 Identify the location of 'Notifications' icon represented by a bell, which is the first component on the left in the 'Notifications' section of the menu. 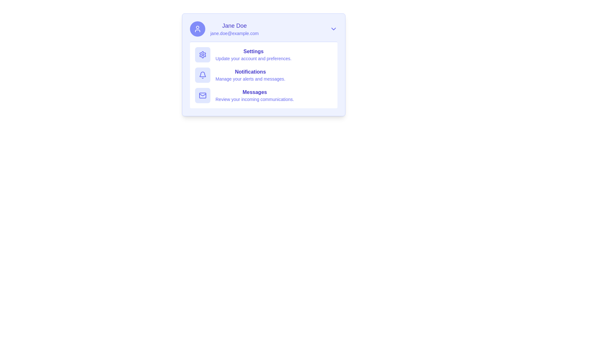
(202, 75).